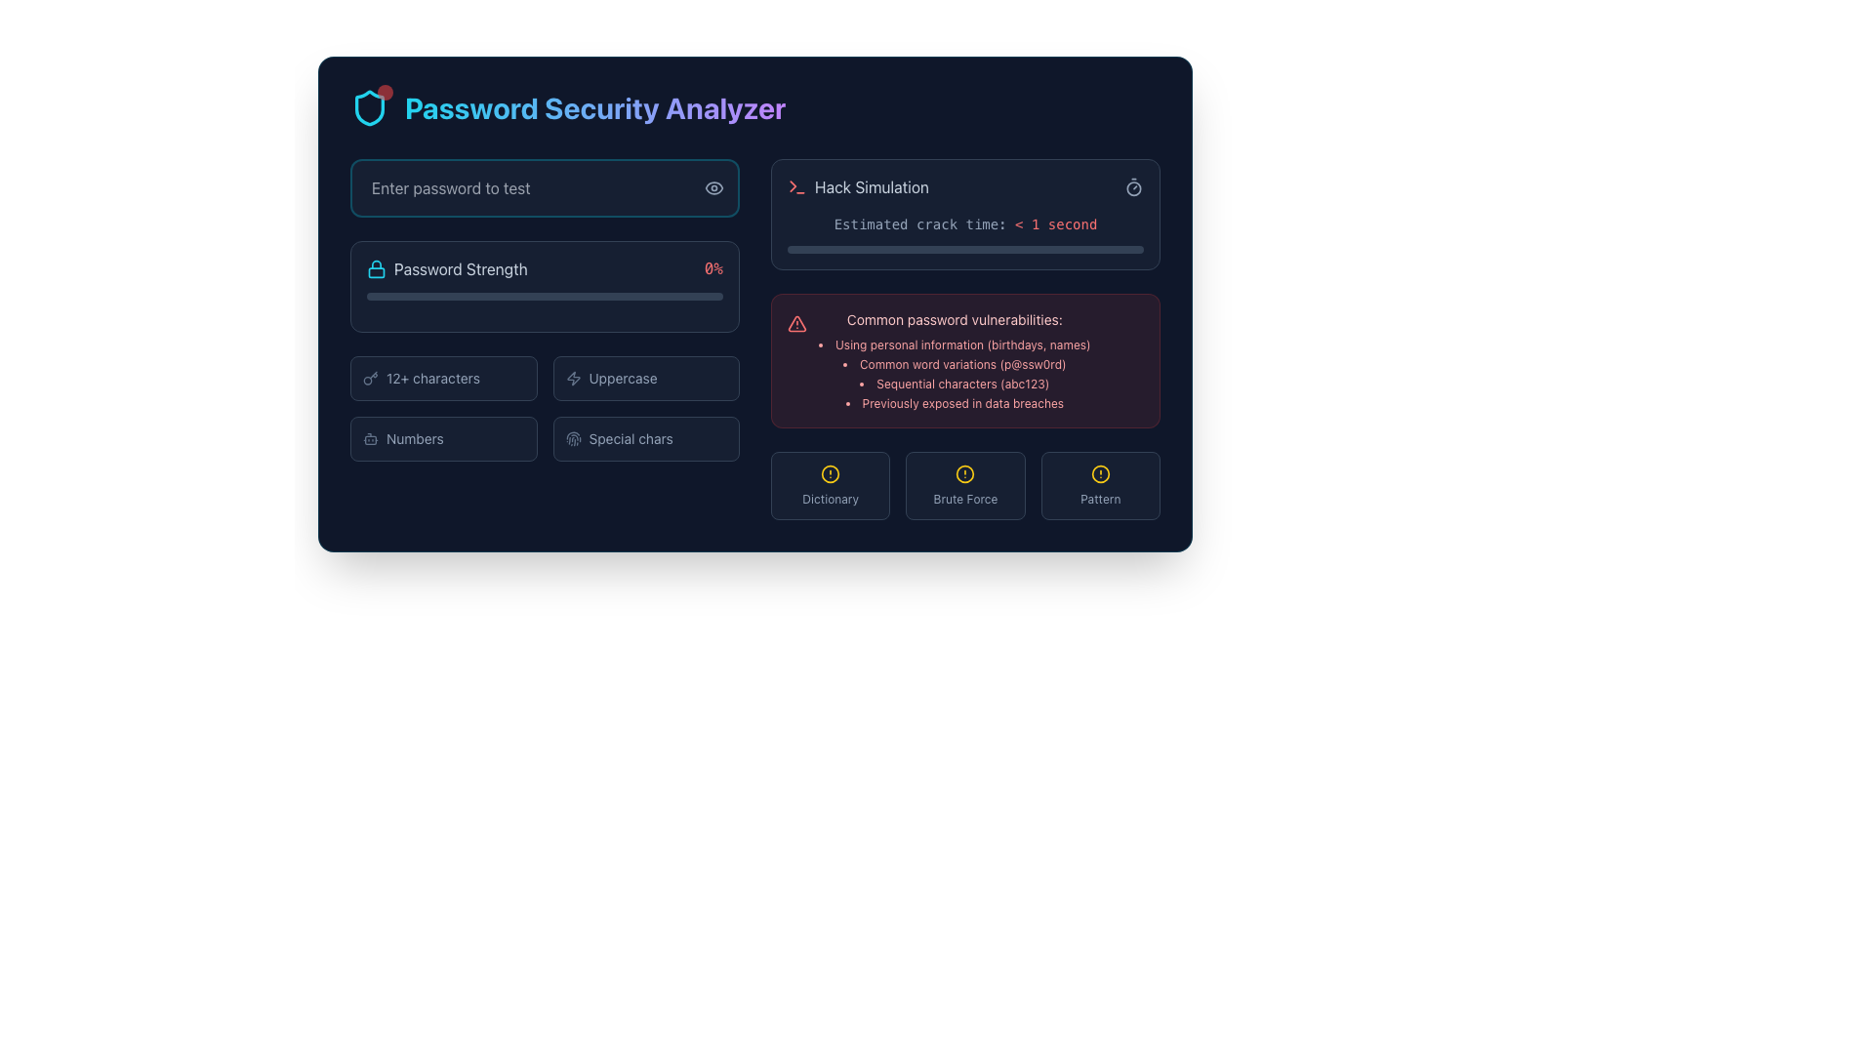 The height and width of the screenshot is (1054, 1874). Describe the element at coordinates (631, 439) in the screenshot. I see `the text label displaying 'Special chars' which is located in the fourth option of the feature options row, styled with a smaller font size and slate-gray color in a dark-themed interface` at that location.